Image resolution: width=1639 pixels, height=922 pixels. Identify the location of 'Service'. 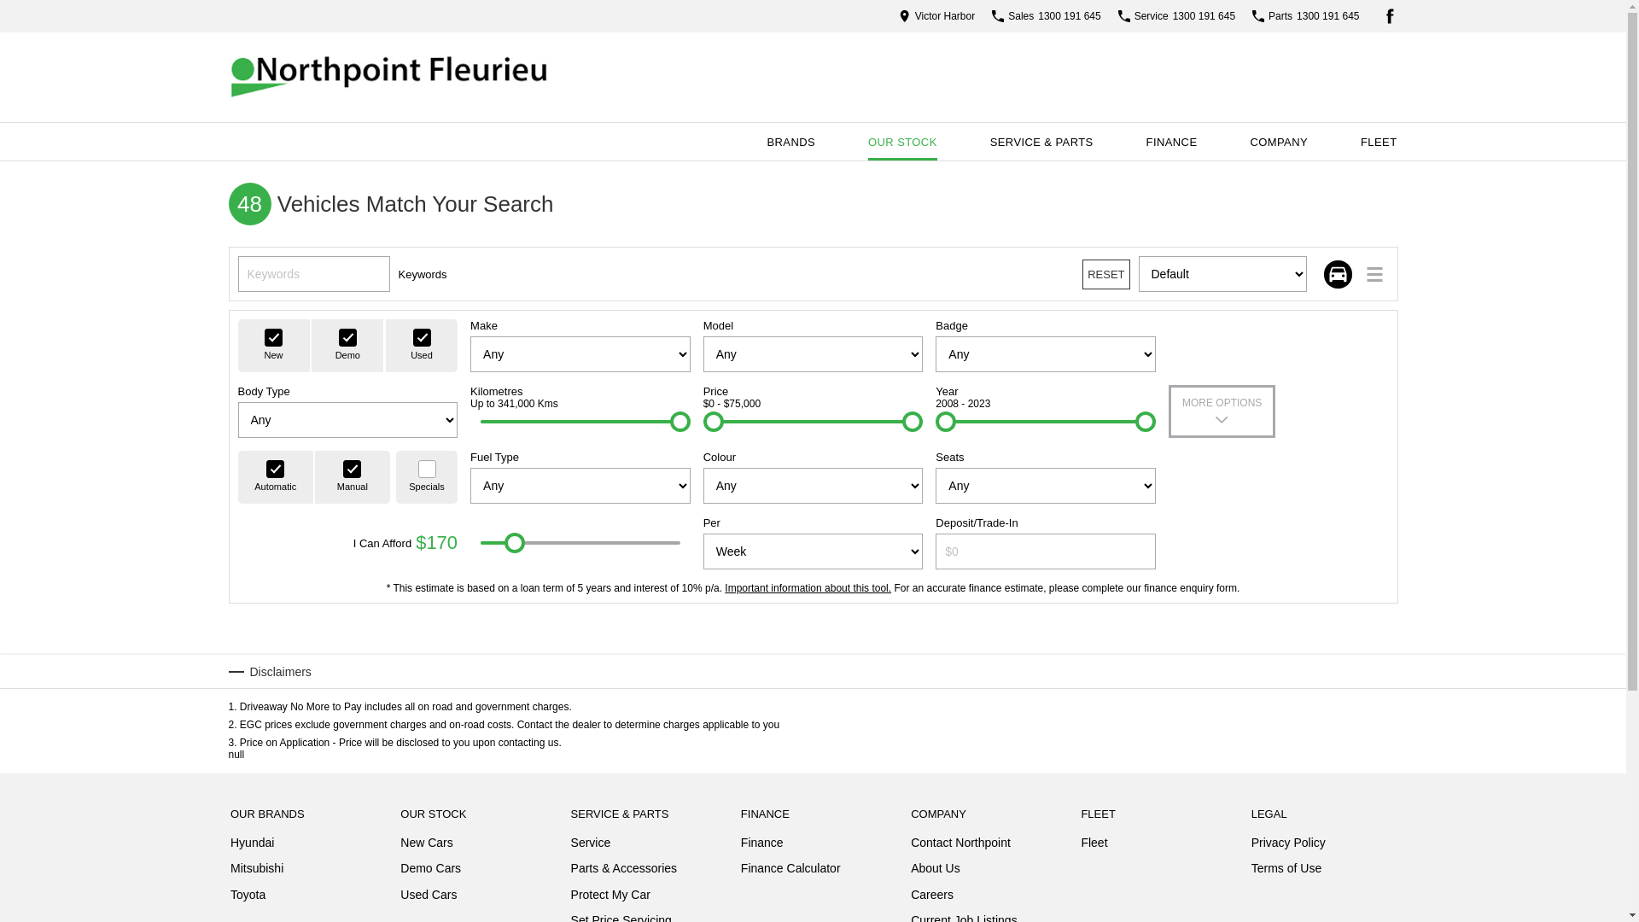
(591, 846).